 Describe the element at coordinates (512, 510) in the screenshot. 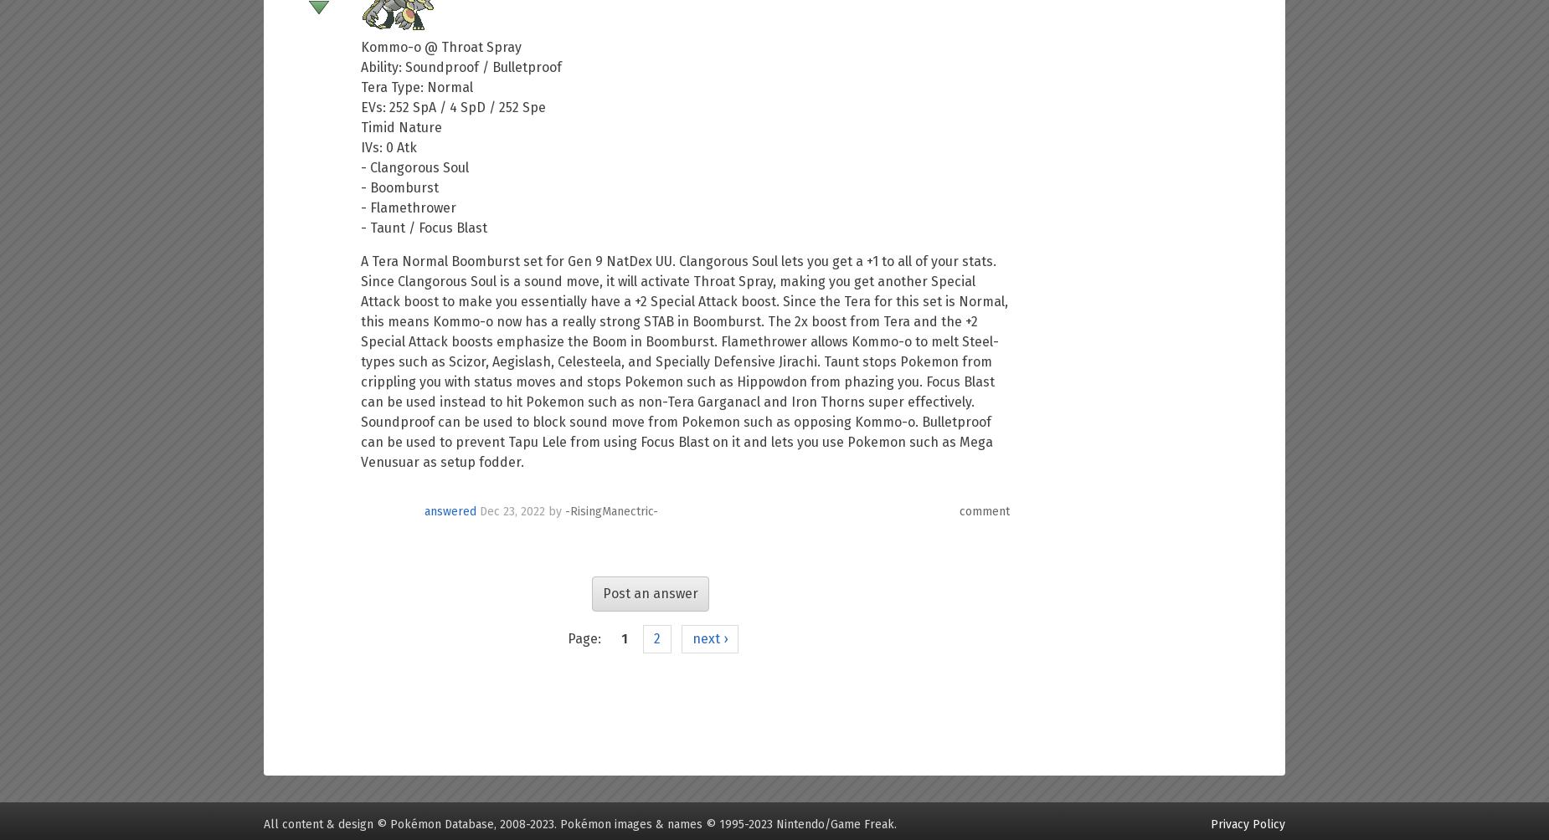

I see `'Dec 23, 2022'` at that location.